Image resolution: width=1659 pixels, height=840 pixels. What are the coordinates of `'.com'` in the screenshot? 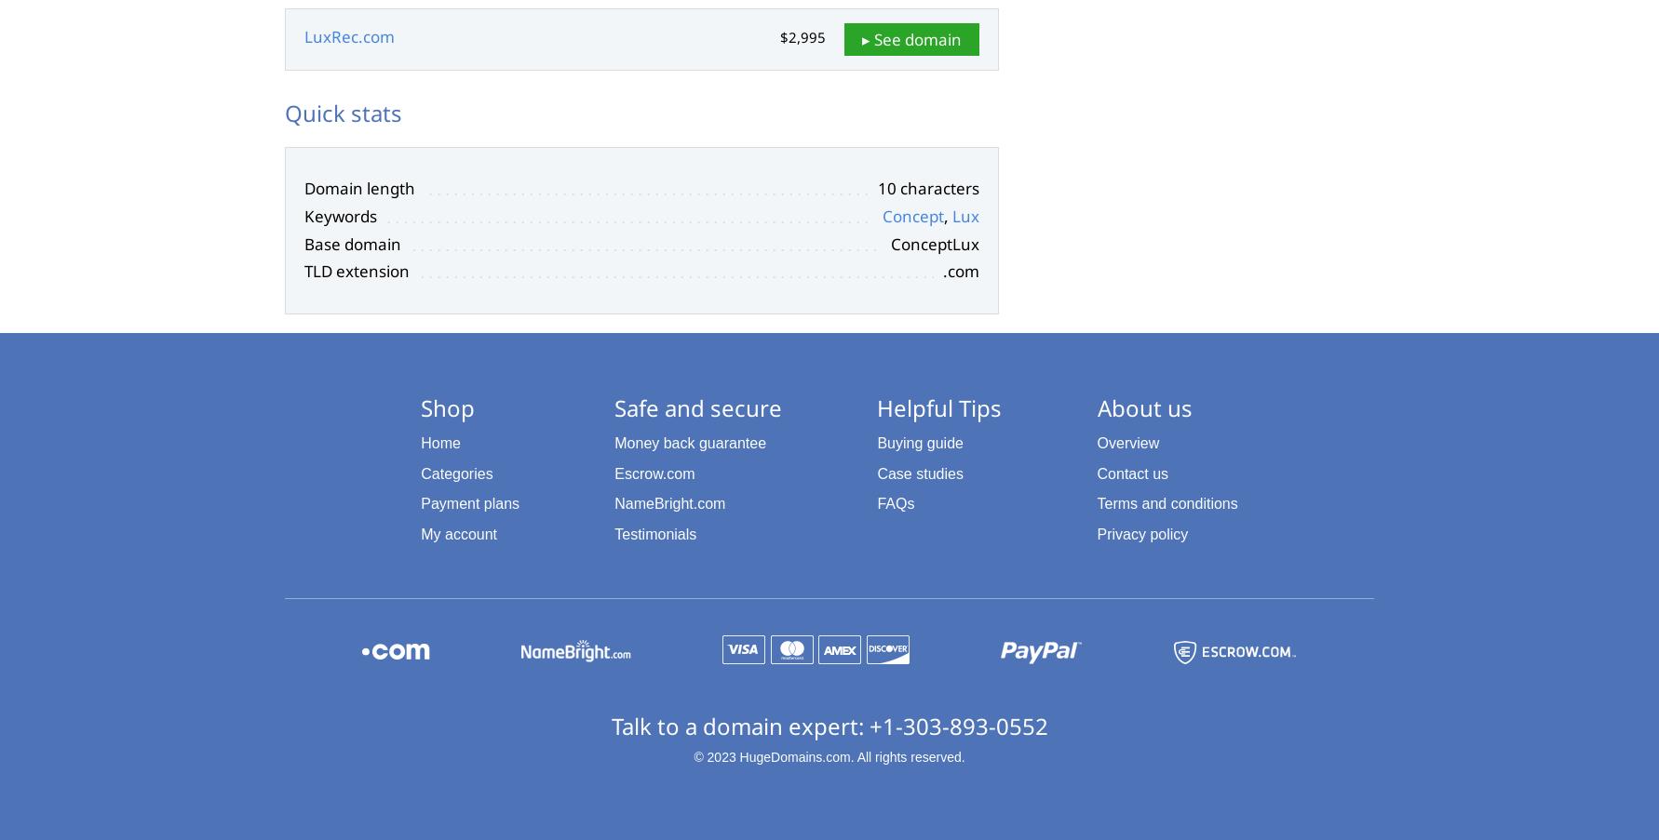 It's located at (960, 270).